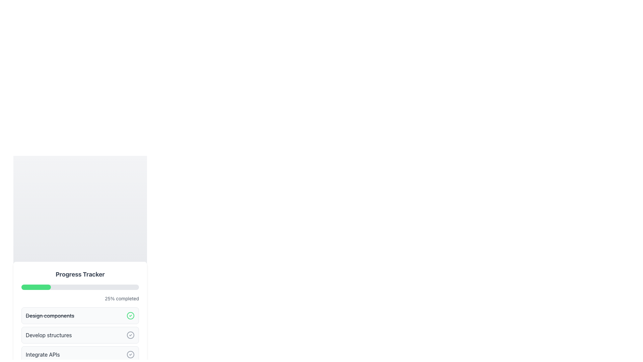 The height and width of the screenshot is (362, 643). Describe the element at coordinates (80, 287) in the screenshot. I see `the visual progress of the horizontal progress bar located below the title 'Progress Tracker' and above the text '25% completed'` at that location.